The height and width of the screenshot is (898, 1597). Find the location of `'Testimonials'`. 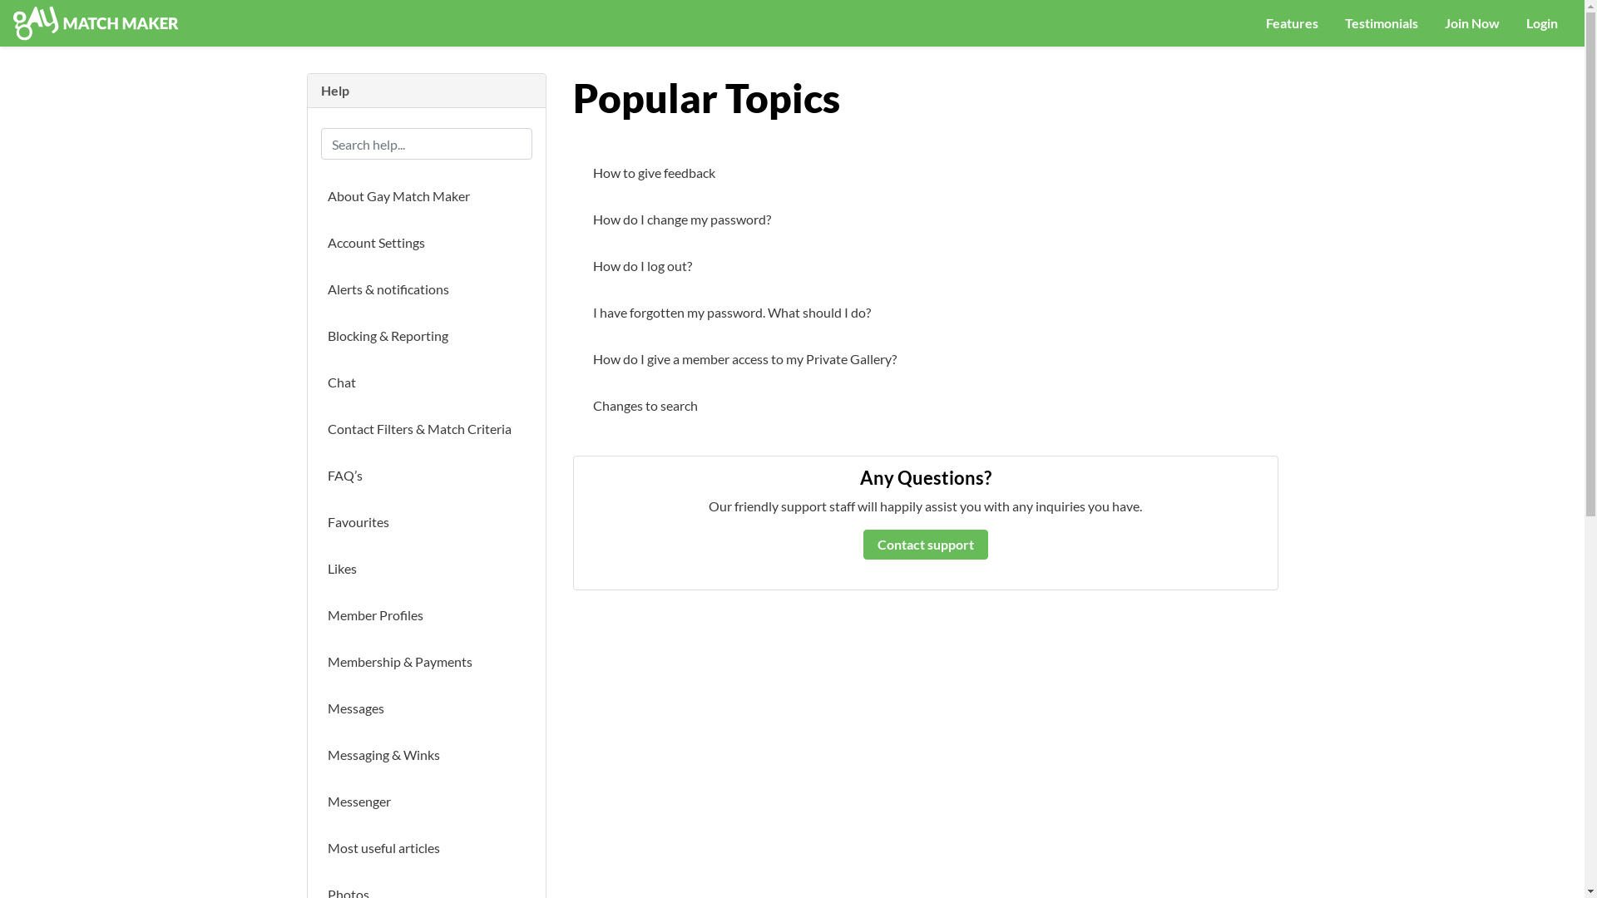

'Testimonials' is located at coordinates (1332, 22).